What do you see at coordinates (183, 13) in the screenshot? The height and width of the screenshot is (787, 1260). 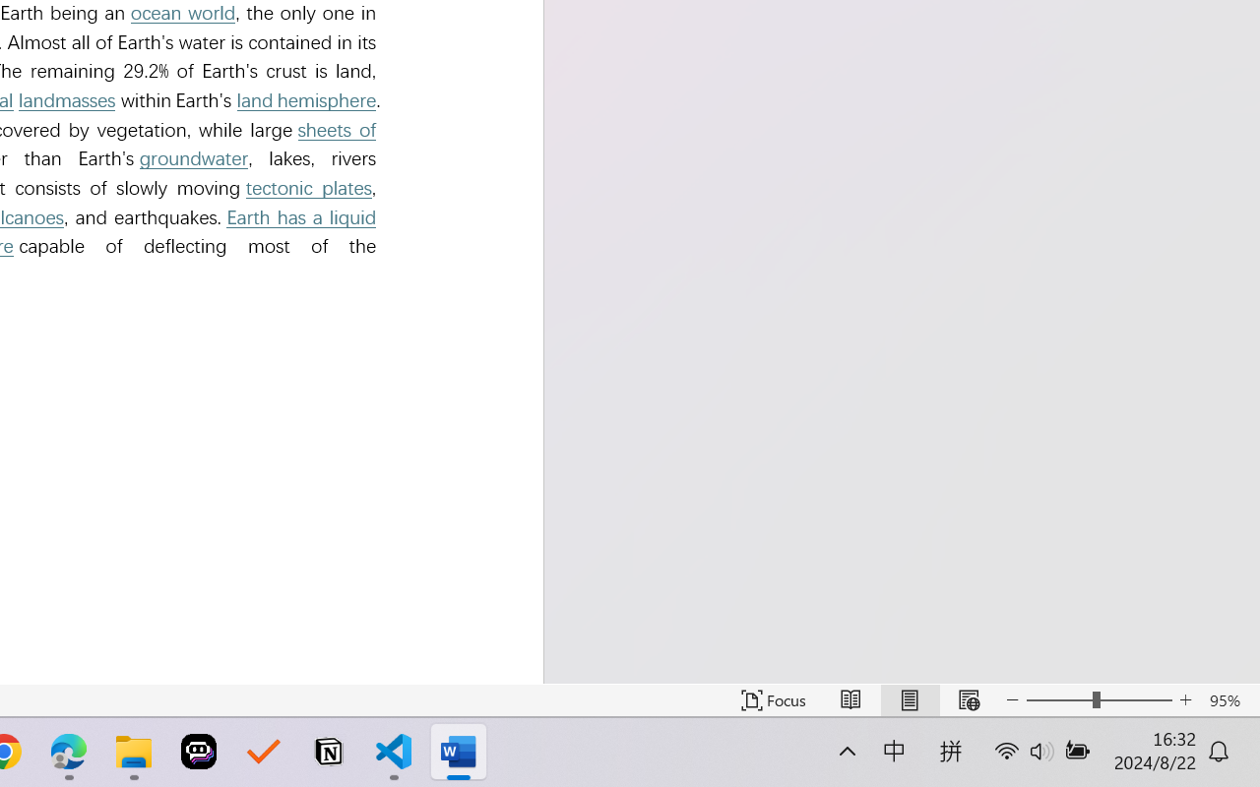 I see `'ocean world'` at bounding box center [183, 13].